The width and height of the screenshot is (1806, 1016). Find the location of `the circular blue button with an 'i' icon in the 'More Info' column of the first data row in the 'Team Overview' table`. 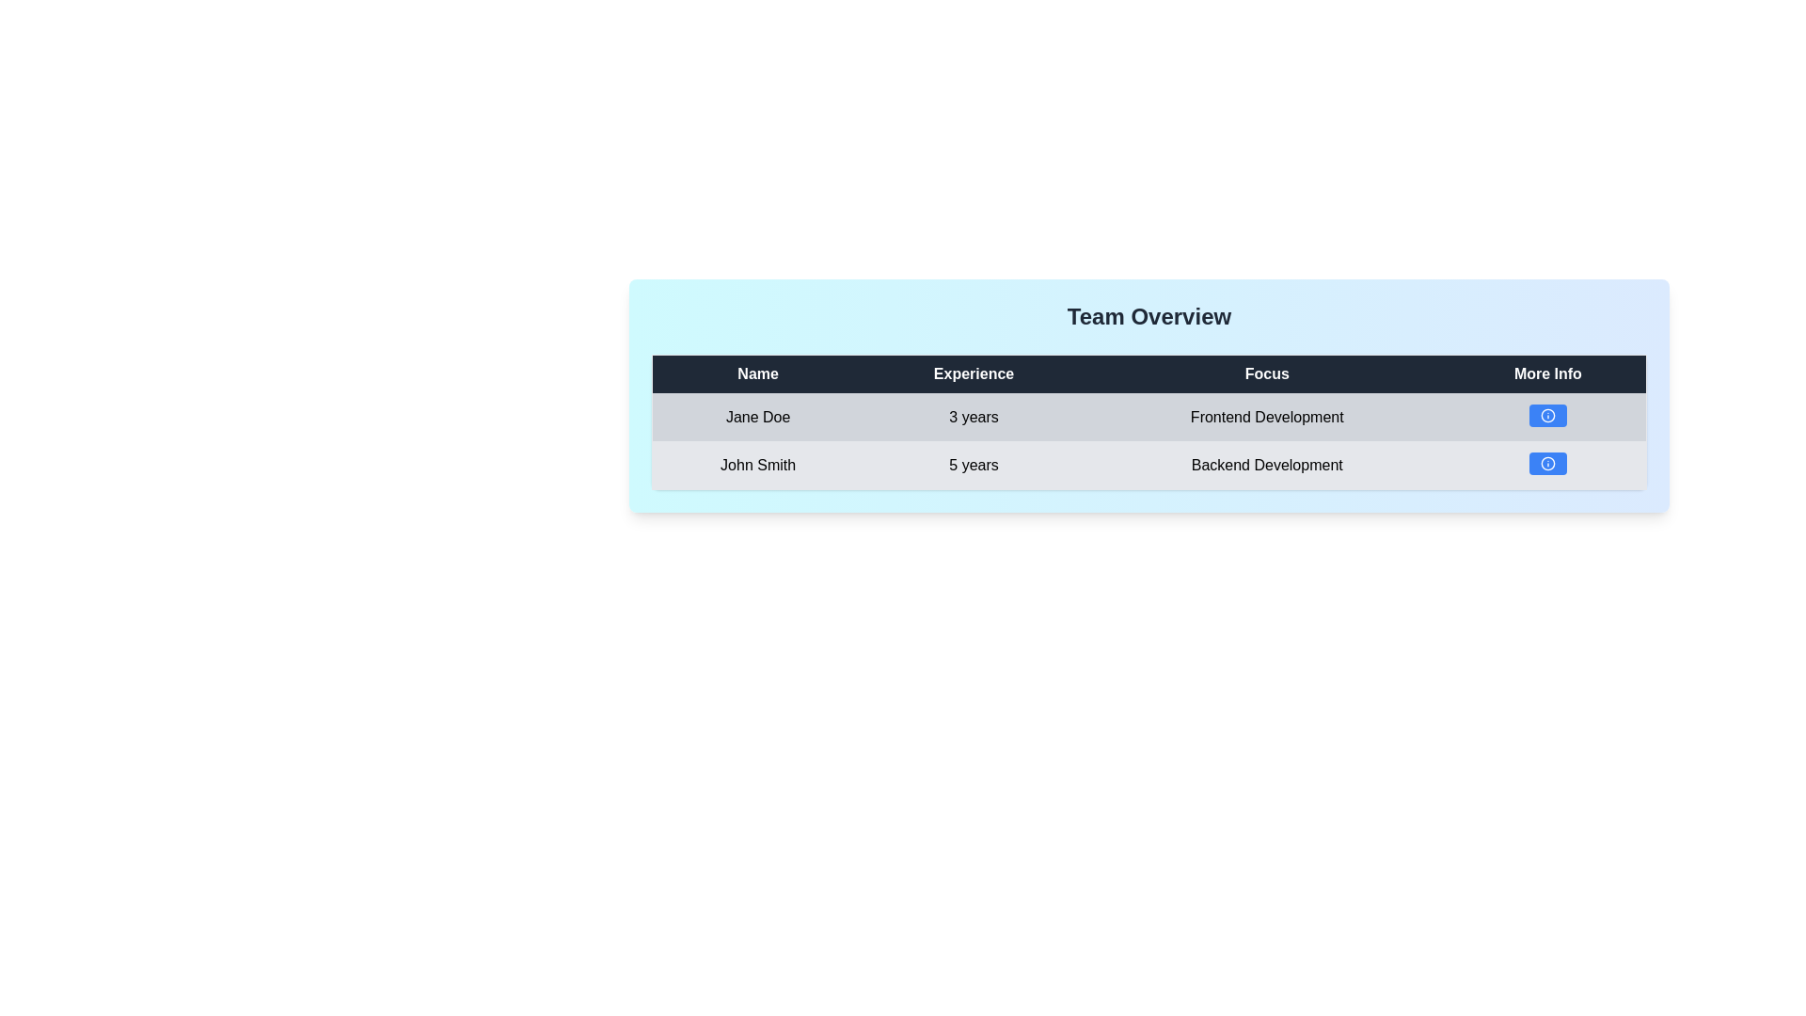

the circular blue button with an 'i' icon in the 'More Info' column of the first data row in the 'Team Overview' table is located at coordinates (1547, 415).